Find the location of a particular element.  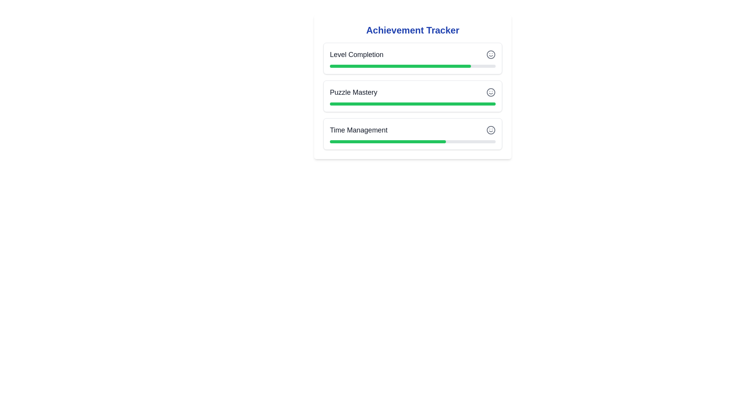

the third progress bar that visually represents the completion level of the 'Time Management' activity is located at coordinates (412, 141).